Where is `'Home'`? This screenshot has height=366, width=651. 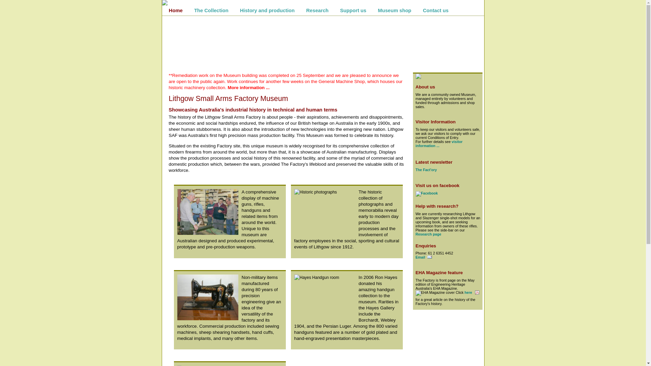 'Home' is located at coordinates (176, 10).